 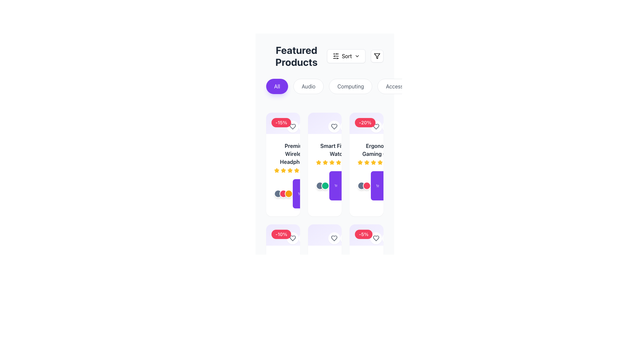 I want to click on the first circular icon with a slate gray background and white border located at the bottom of the 'Smart Fit Watch' product card, so click(x=361, y=186).